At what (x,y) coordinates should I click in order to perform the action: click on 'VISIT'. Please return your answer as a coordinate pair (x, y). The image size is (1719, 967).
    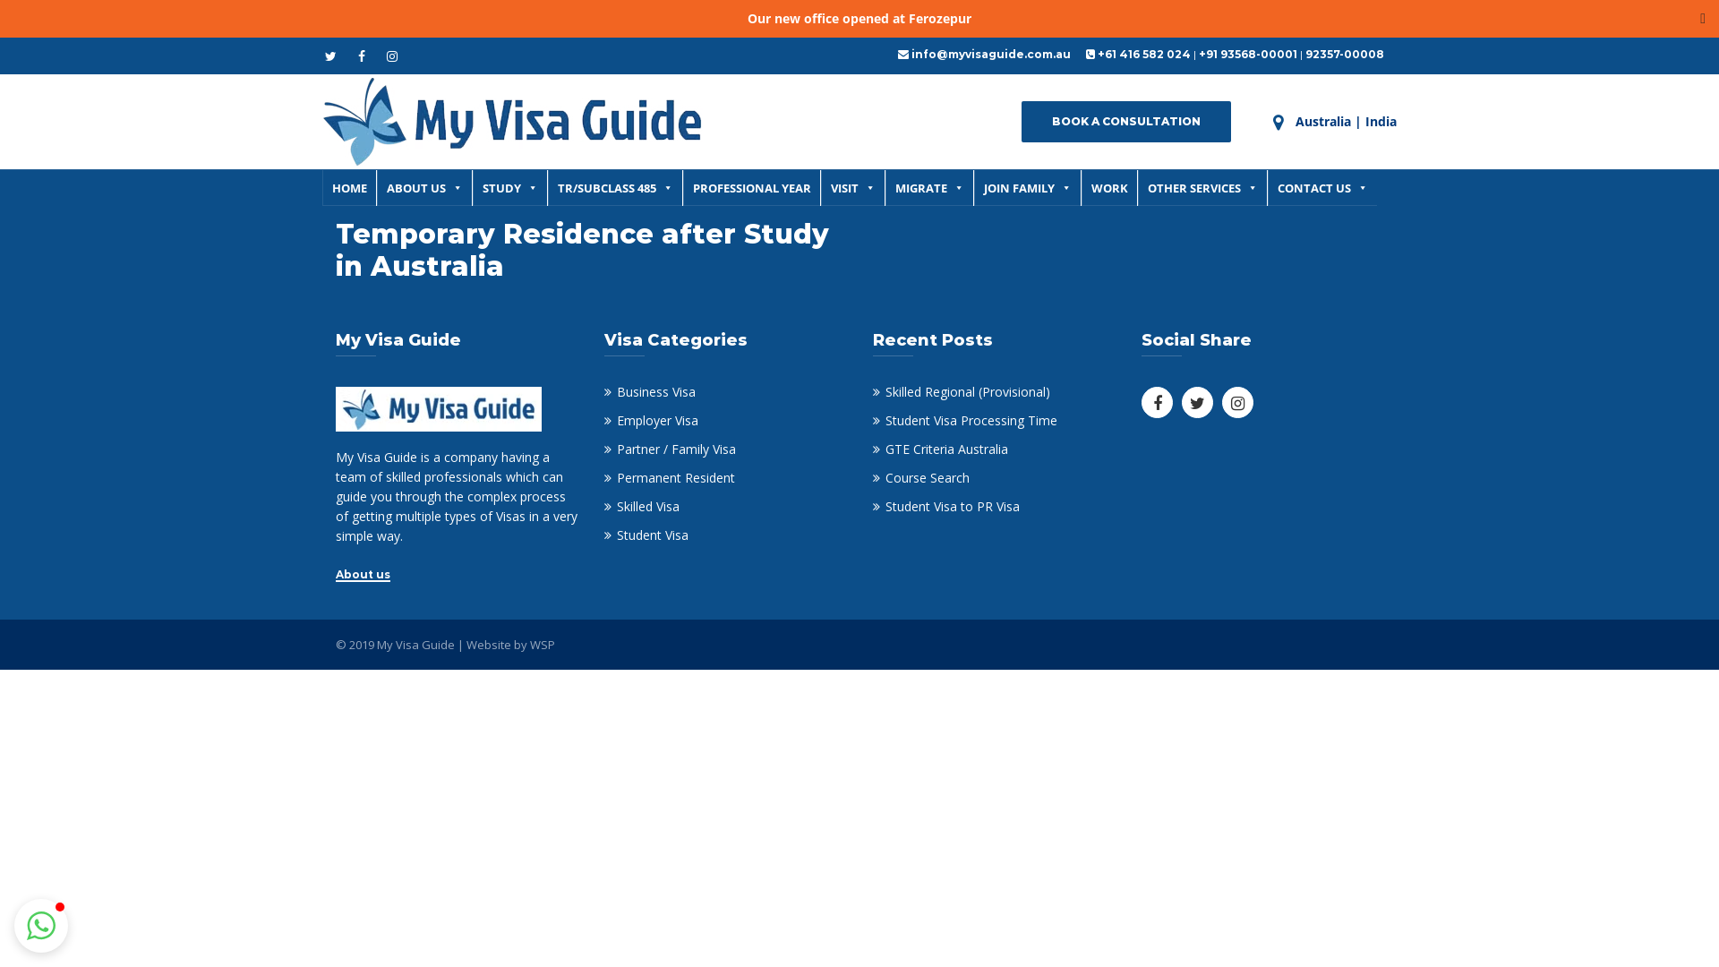
    Looking at the image, I should click on (851, 187).